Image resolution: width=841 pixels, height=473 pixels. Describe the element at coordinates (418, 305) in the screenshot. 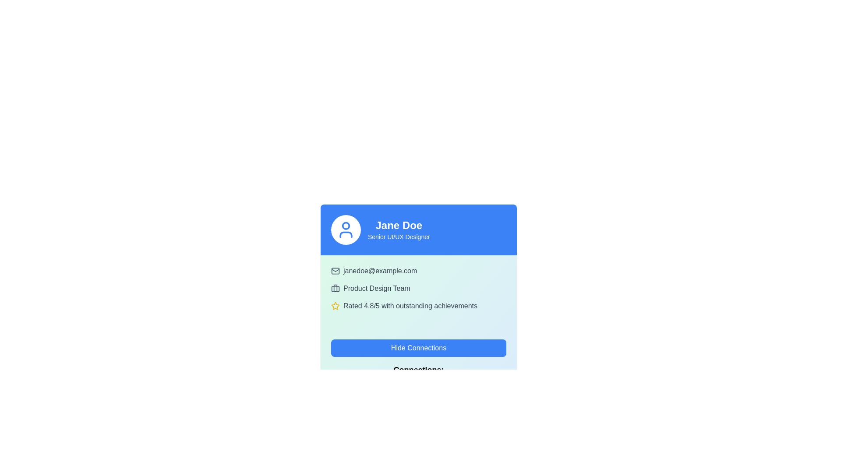

I see `the Decorative text element that displays 'Rated 4.8/5 with outstanding achievements' accompanied by a yellow star icon, located in the third row under the profile information section` at that location.